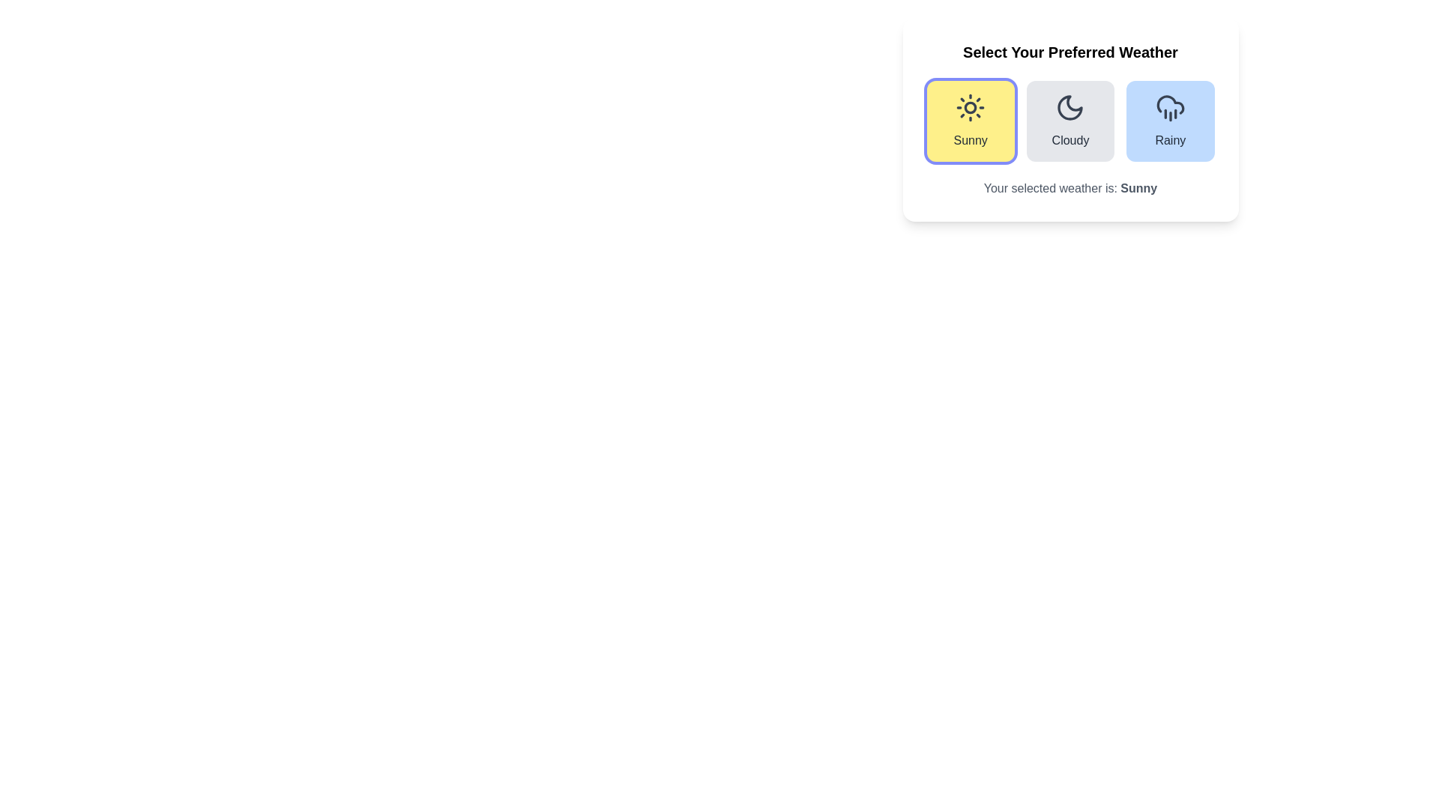  Describe the element at coordinates (1070, 106) in the screenshot. I see `the crescent moon icon representing the 'Cloudy' weather option located in the center circular area of the weather selection interface` at that location.